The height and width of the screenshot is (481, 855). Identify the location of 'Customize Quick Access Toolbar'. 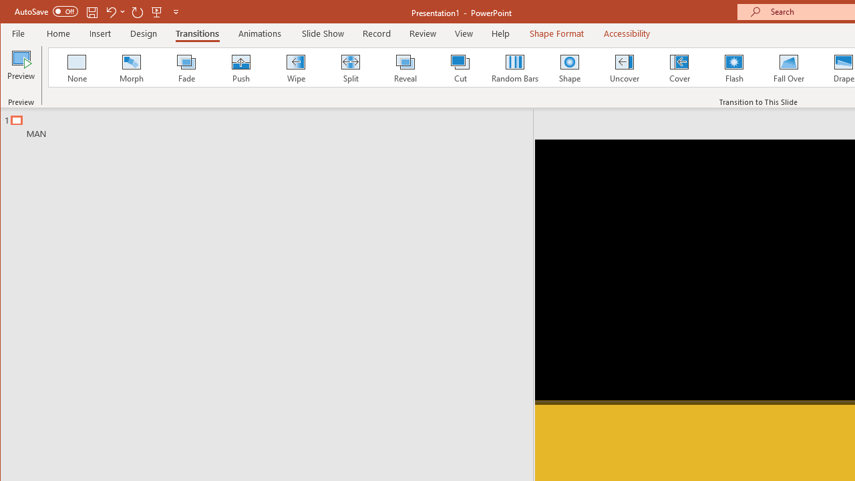
(175, 11).